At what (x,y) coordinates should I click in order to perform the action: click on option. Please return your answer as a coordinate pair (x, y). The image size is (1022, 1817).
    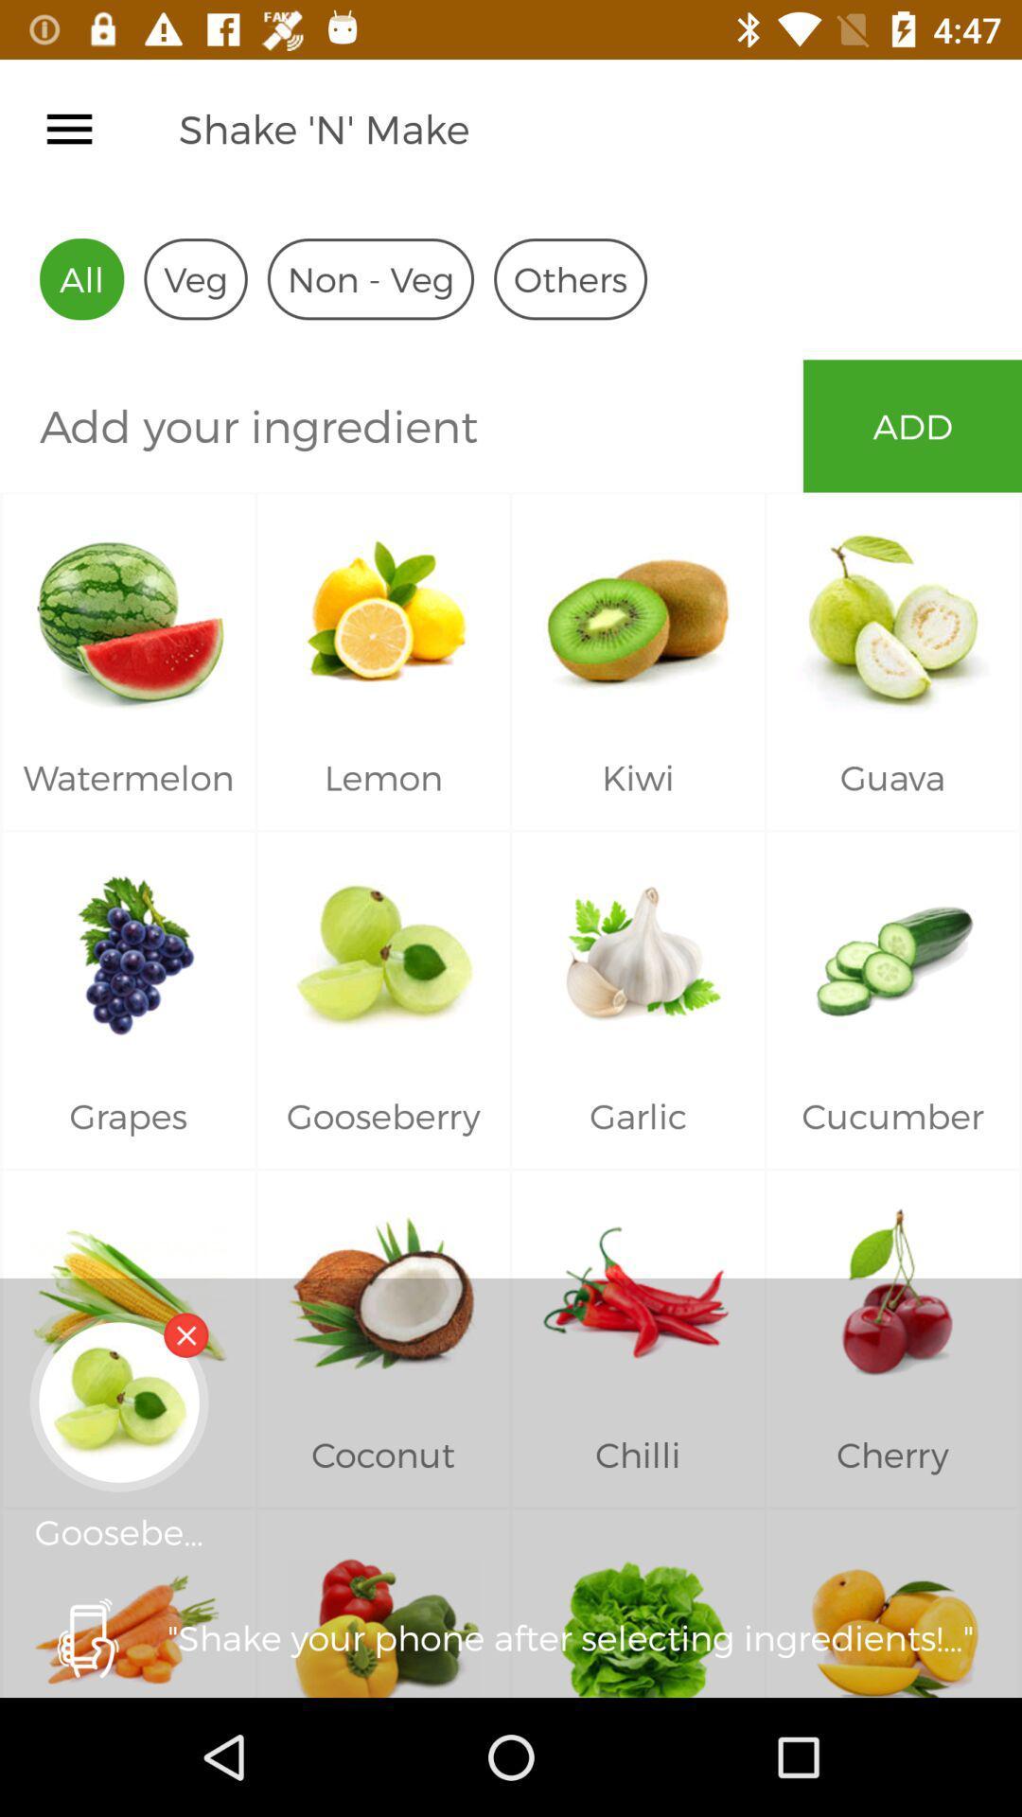
    Looking at the image, I should click on (68, 128).